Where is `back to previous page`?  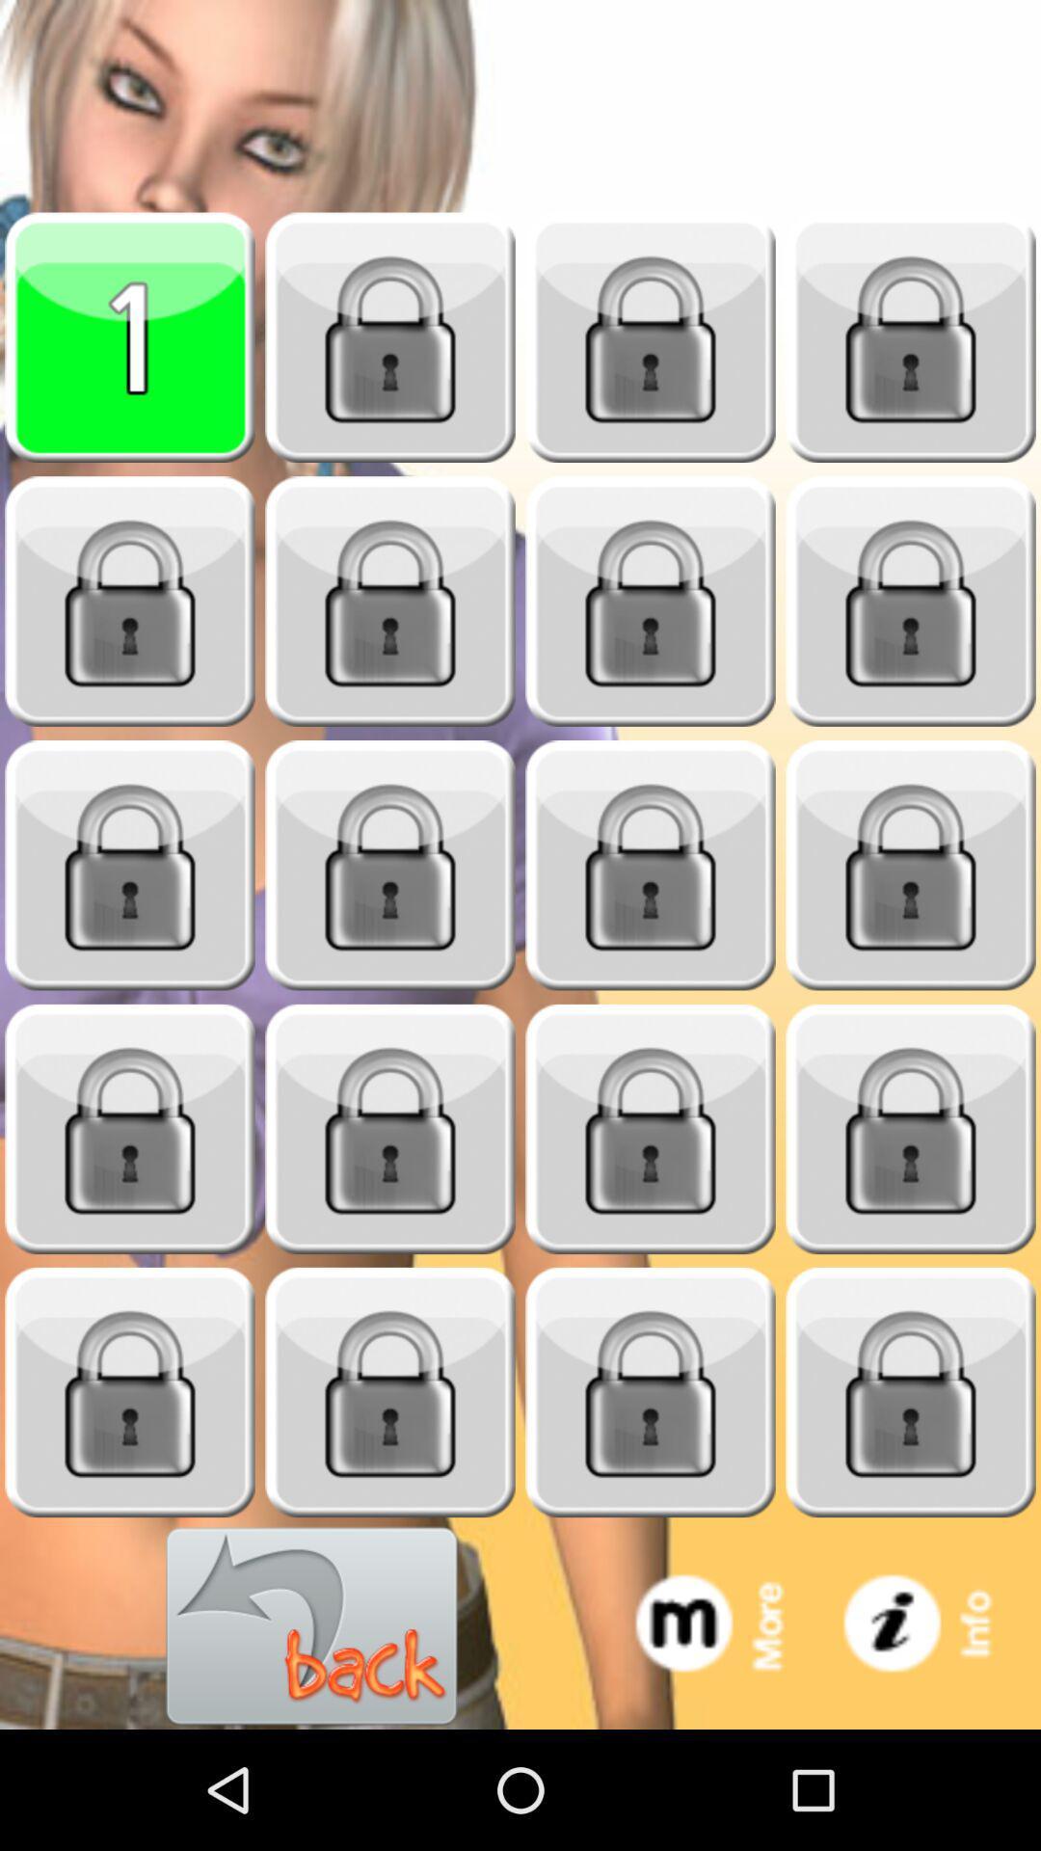 back to previous page is located at coordinates (311, 1625).